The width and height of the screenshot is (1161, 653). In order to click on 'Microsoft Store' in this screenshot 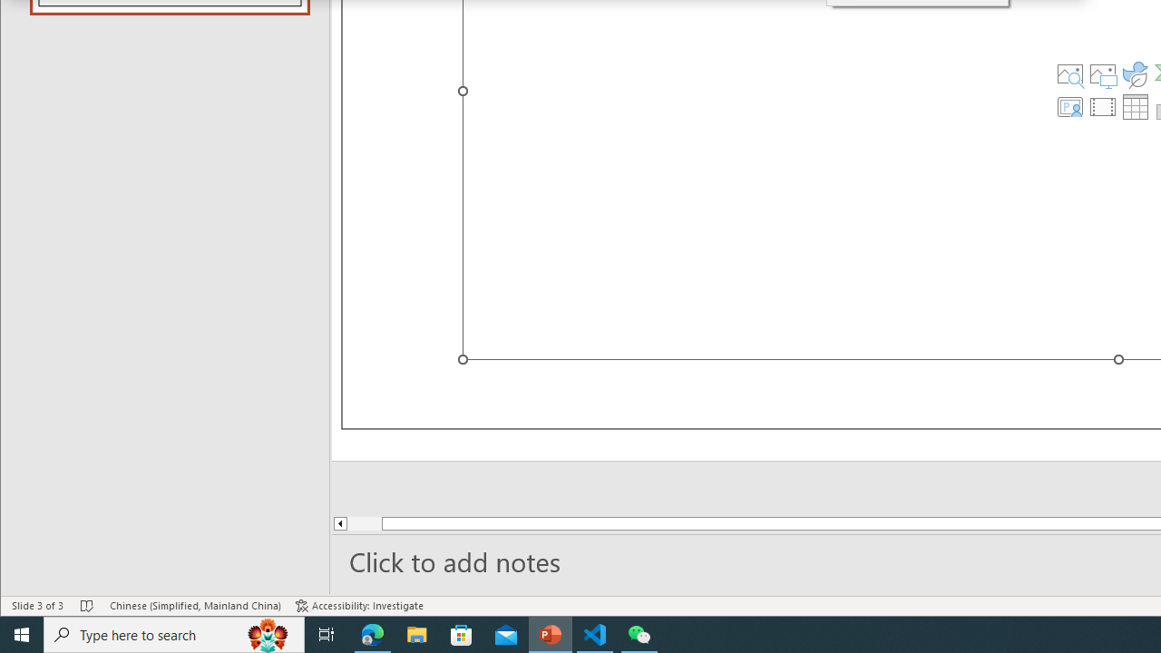, I will do `click(462, 633)`.